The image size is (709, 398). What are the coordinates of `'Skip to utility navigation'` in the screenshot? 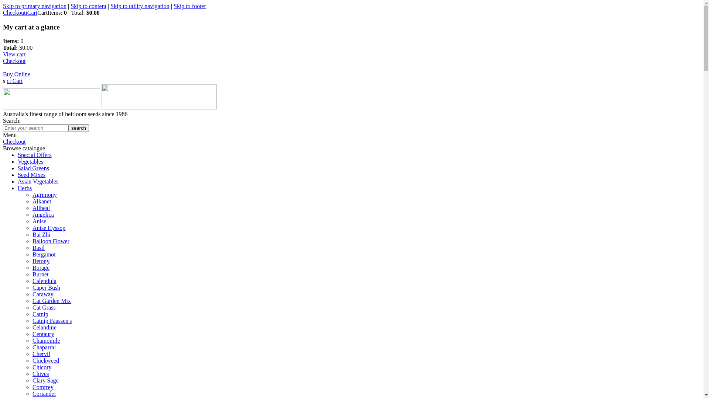 It's located at (110, 6).